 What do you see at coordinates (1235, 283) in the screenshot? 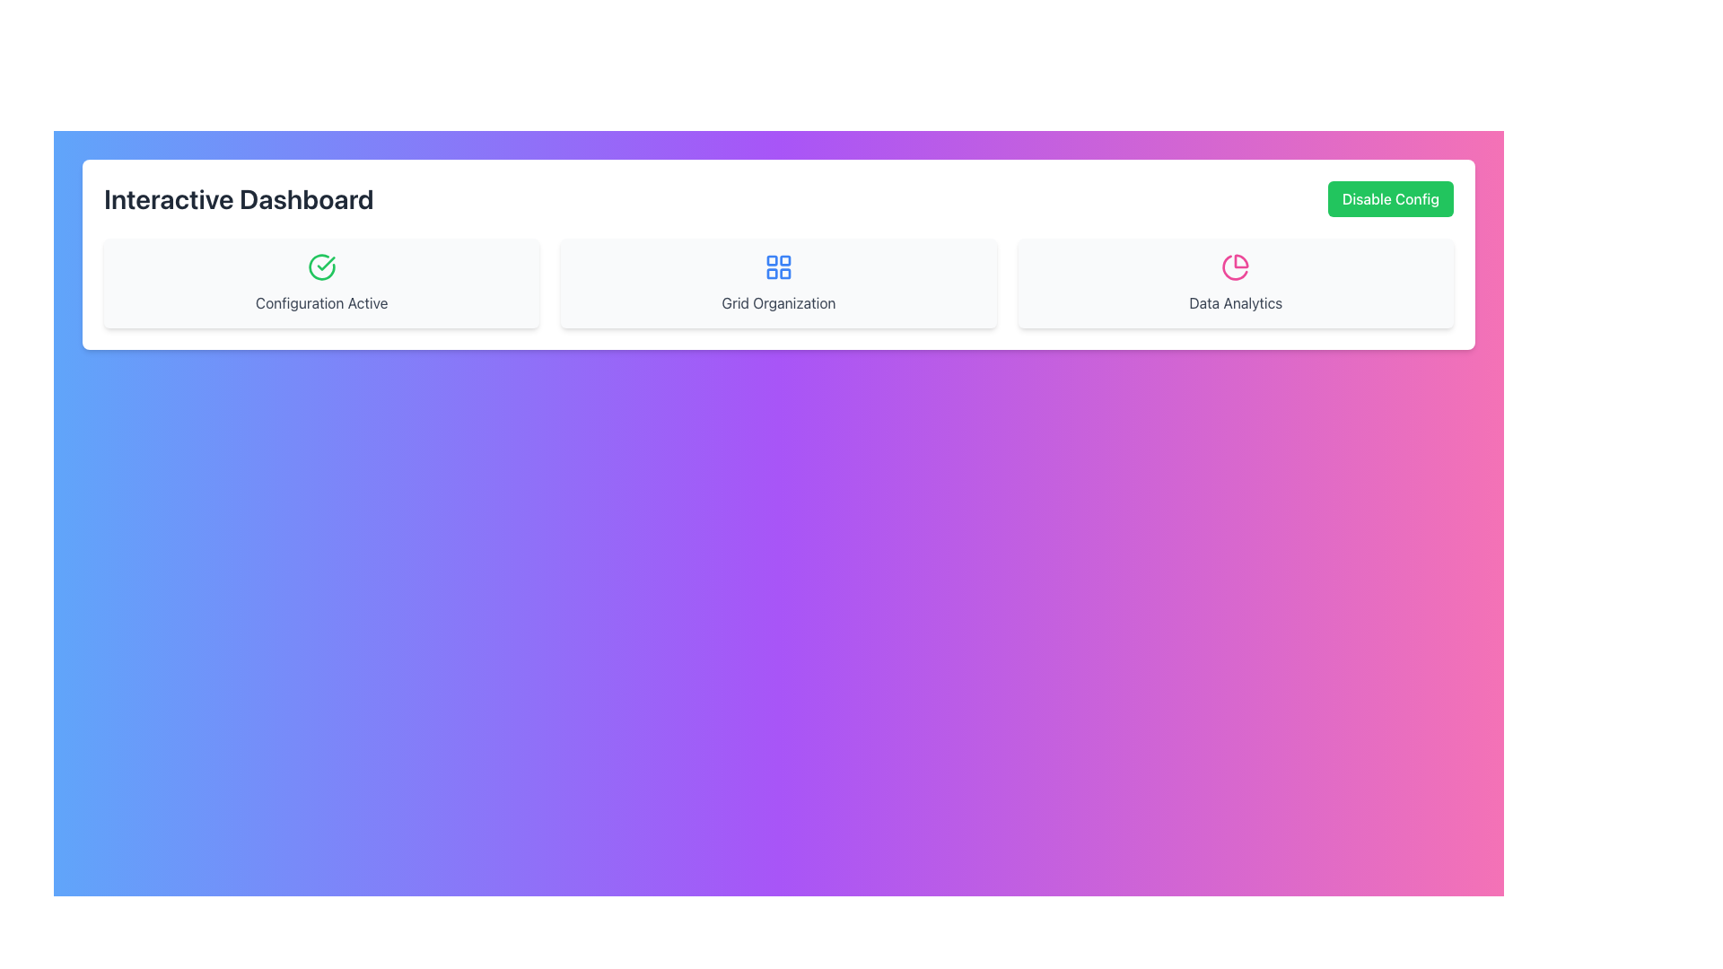
I see `the third card in the grid layout that features a pink pie chart icon and the text 'Data Analytics' in dark gray` at bounding box center [1235, 283].